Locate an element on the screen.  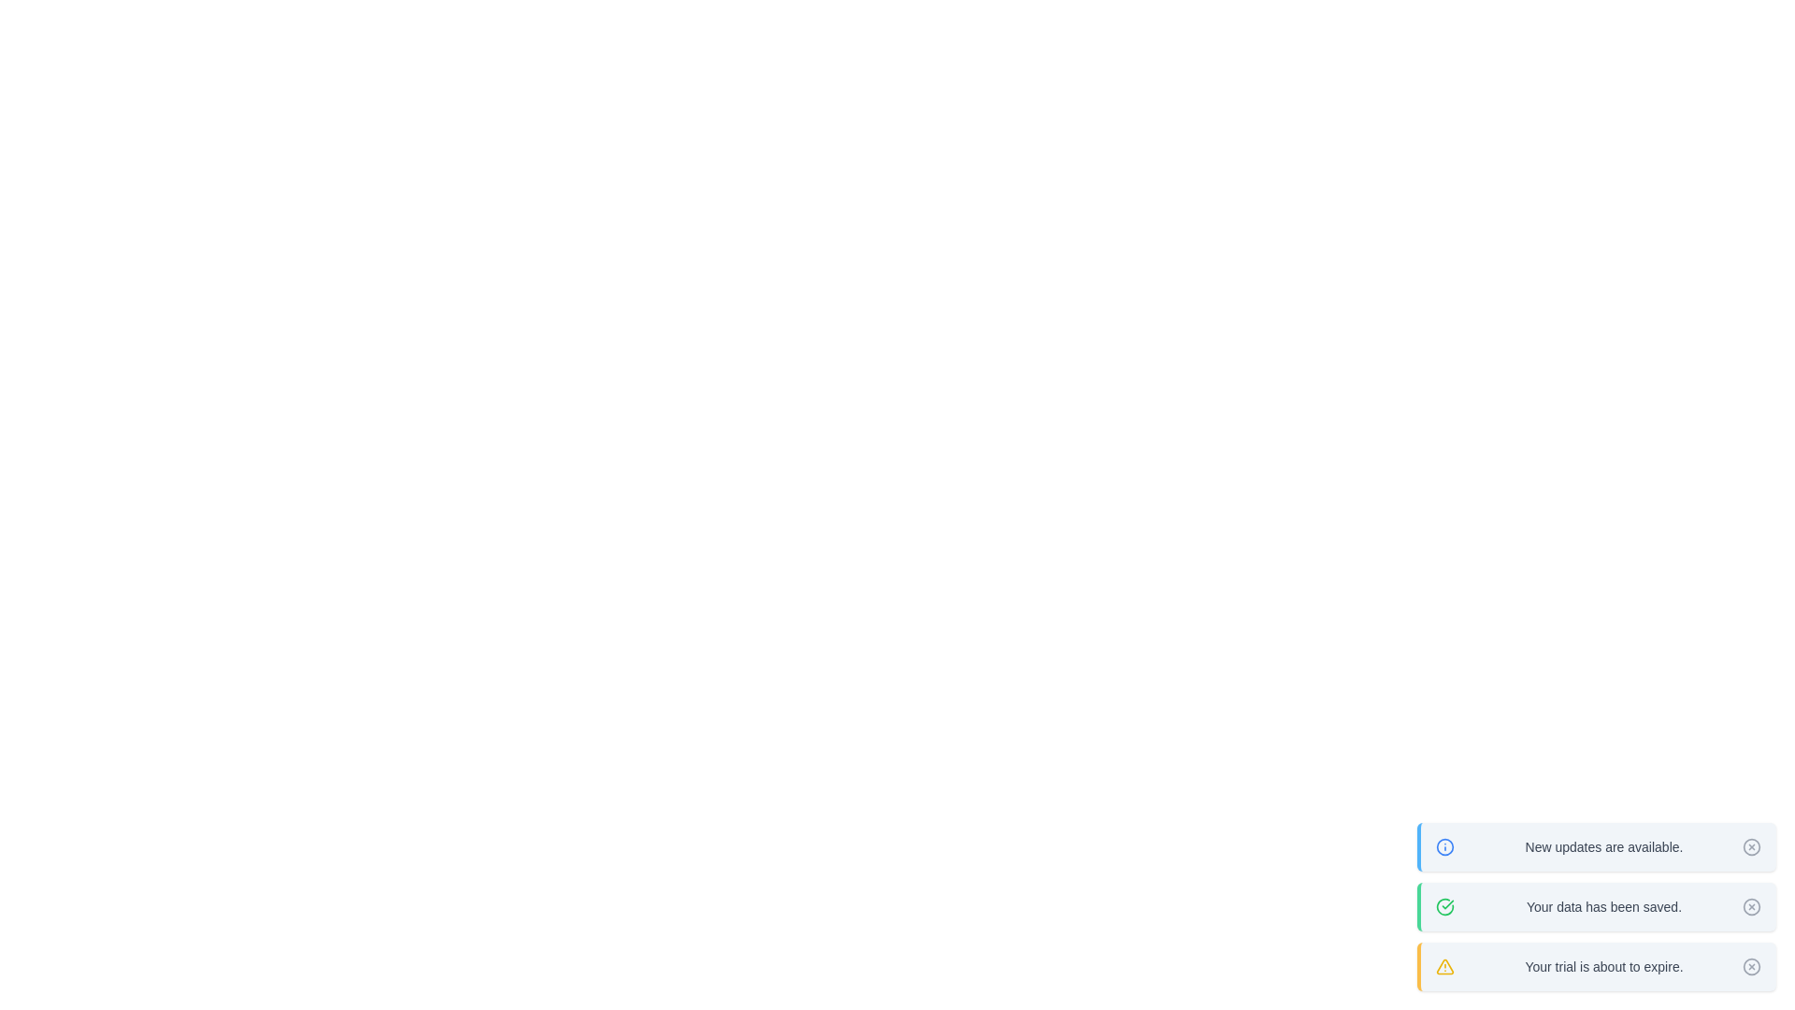
the informational icon located at the top left corner of the notification box that contains the text 'New updates are available.' is located at coordinates (1443, 847).